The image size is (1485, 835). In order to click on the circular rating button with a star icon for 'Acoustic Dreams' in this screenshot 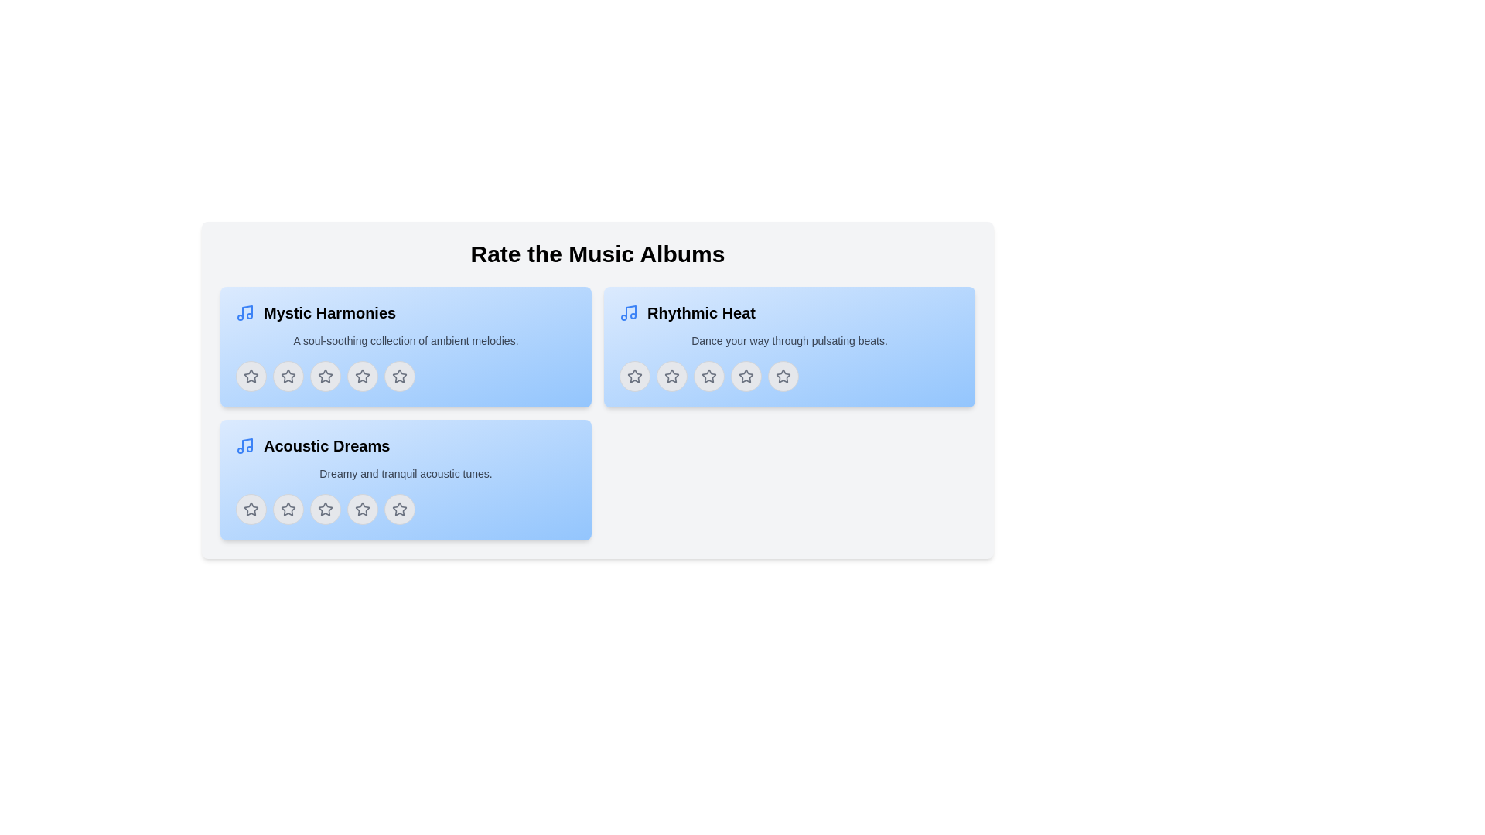, I will do `click(325, 510)`.